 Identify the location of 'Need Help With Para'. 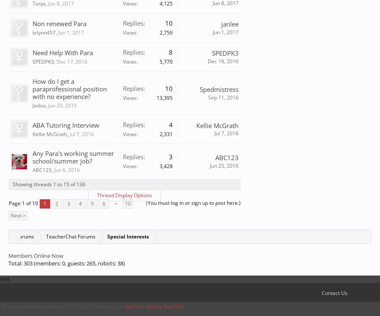
(62, 53).